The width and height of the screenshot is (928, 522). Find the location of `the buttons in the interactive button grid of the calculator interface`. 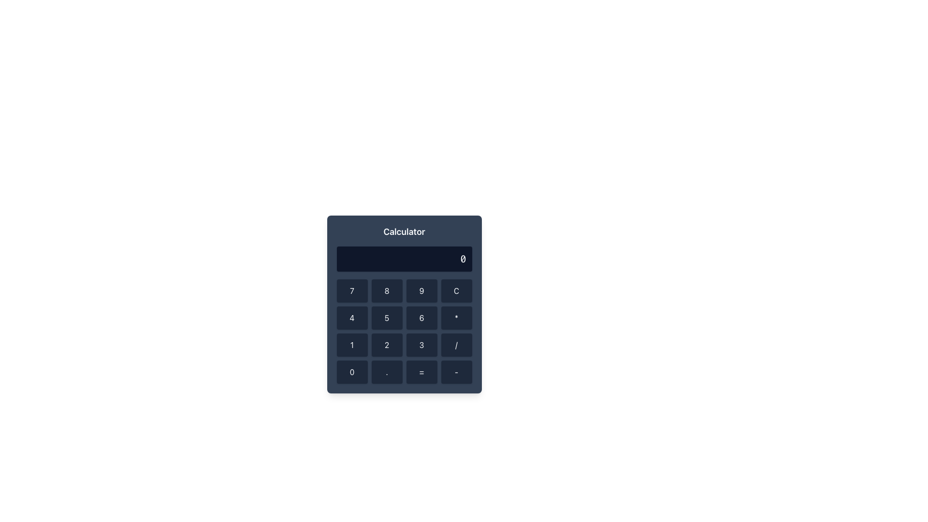

the buttons in the interactive button grid of the calculator interface is located at coordinates (404, 331).